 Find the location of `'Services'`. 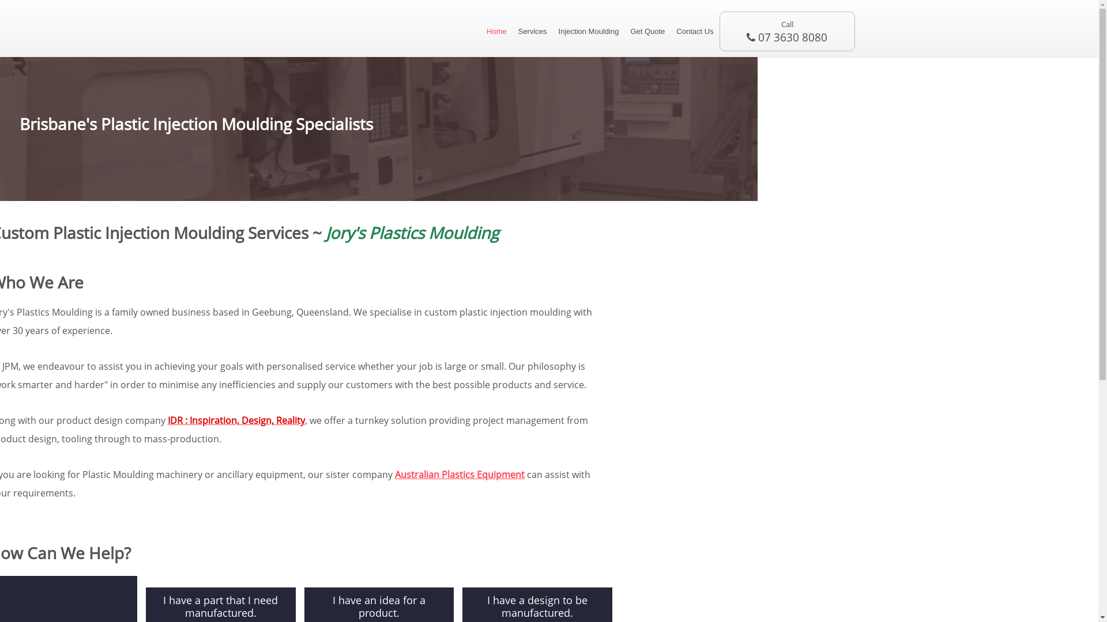

'Services' is located at coordinates (532, 31).